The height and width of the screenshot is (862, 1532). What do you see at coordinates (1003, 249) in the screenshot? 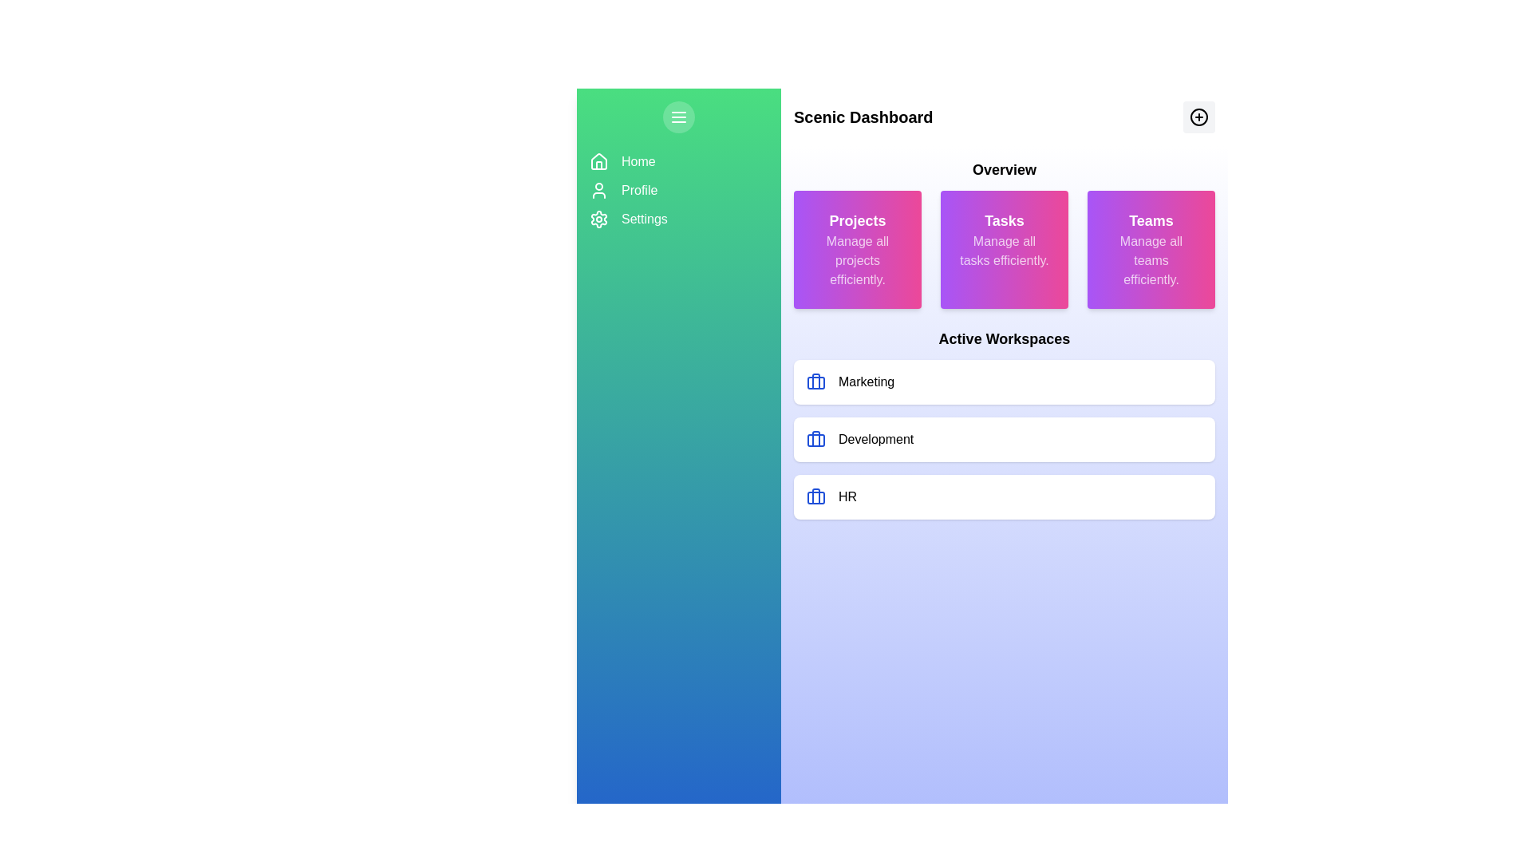
I see `the Card component located in the second column of the Overview section, which provides an overview of tasks between the 'Projects' and 'Teams' cards` at bounding box center [1003, 249].